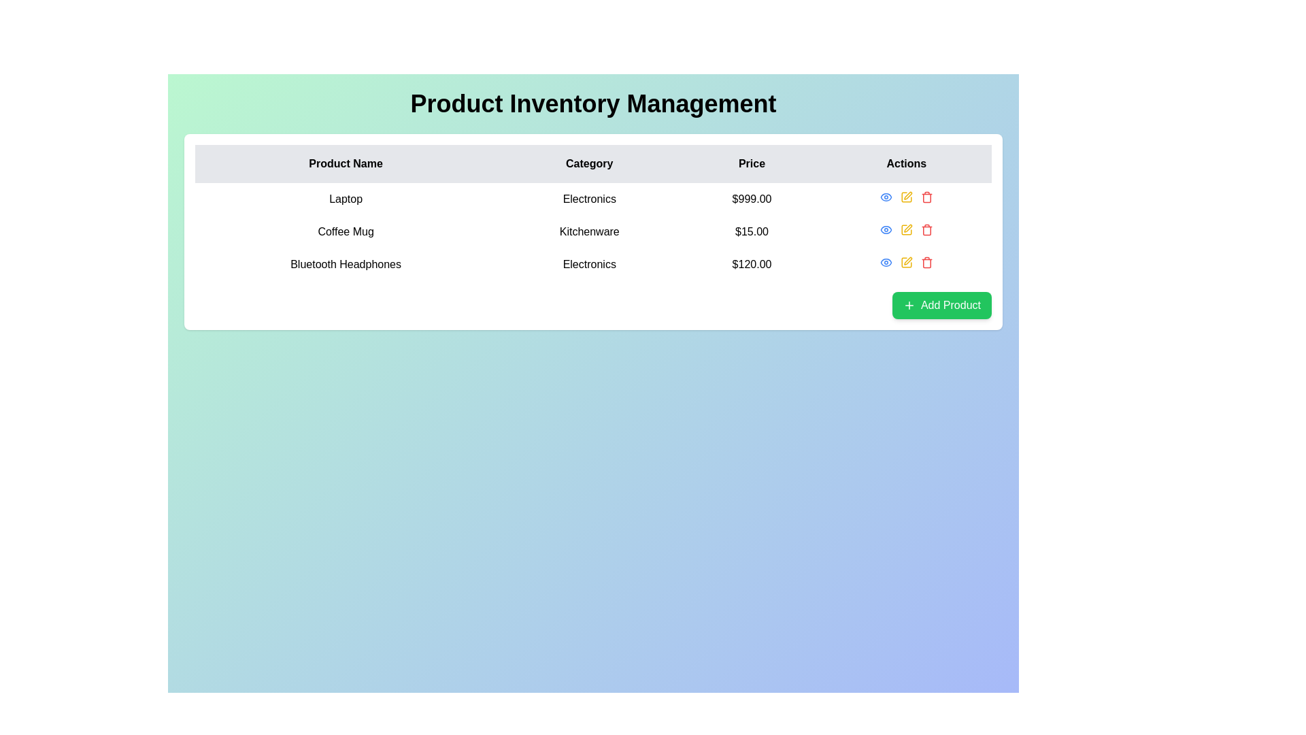  What do you see at coordinates (908, 227) in the screenshot?
I see `the pen icon in the 'Actions' column of the product inventory table for the second row associated with the item 'Coffee Mug'` at bounding box center [908, 227].